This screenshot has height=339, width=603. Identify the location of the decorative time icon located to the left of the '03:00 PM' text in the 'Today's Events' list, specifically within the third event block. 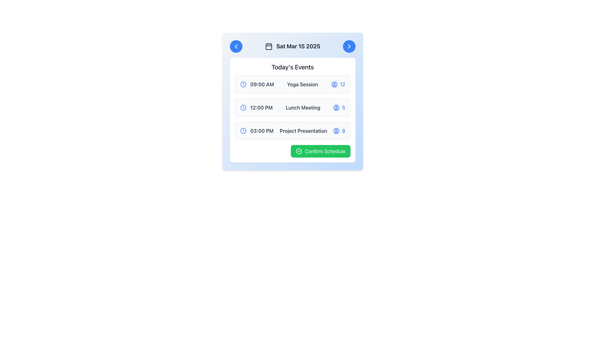
(243, 130).